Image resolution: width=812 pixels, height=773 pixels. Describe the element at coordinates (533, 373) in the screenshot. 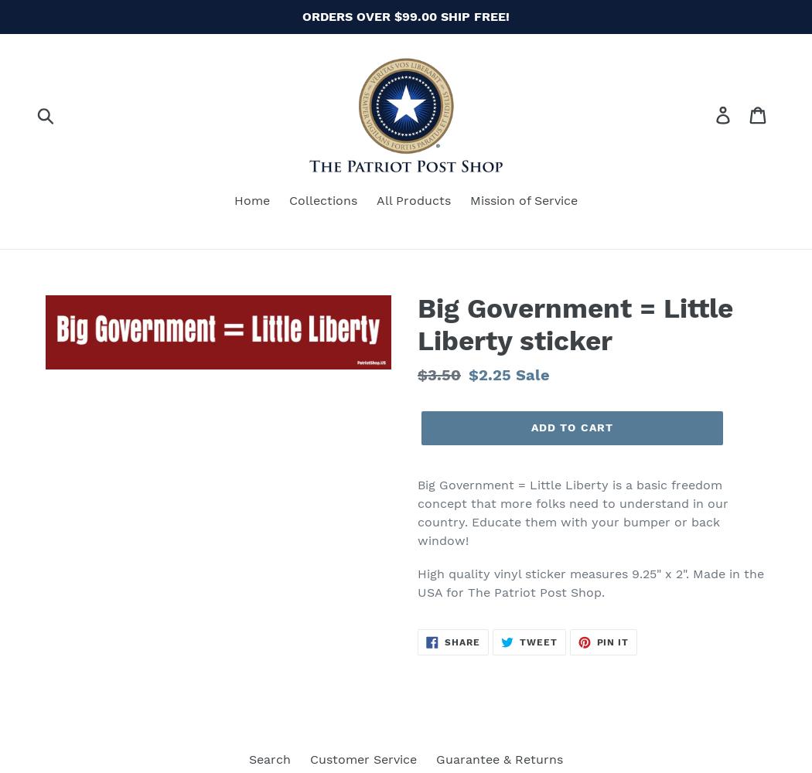

I see `'Sale'` at that location.